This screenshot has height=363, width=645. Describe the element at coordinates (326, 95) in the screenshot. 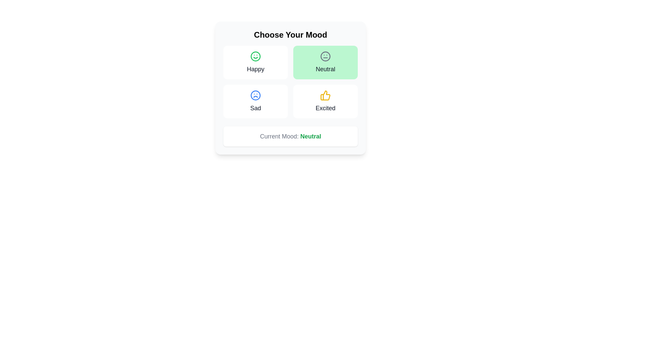

I see `the 'Excited' mood icon located in the bottom-right area of the grid layout, which visually represents the 'Excited' mood option` at that location.